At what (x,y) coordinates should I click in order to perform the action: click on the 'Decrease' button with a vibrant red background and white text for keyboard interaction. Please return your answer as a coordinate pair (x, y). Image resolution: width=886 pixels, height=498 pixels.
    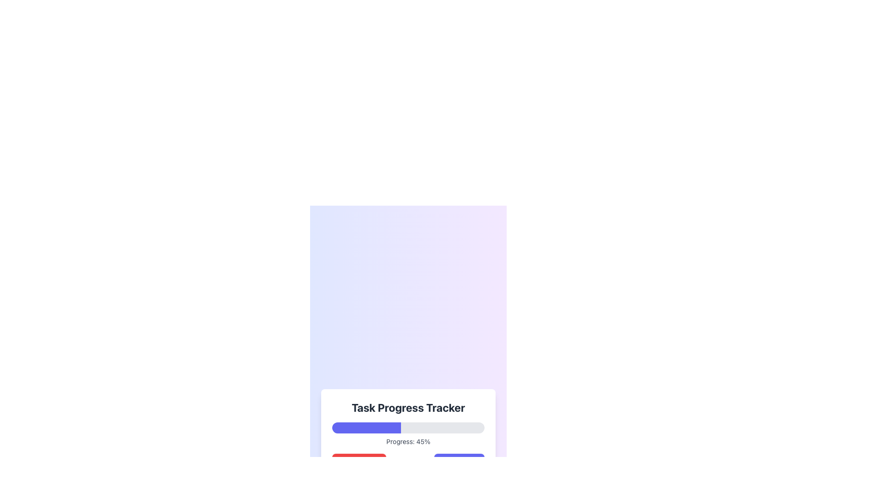
    Looking at the image, I should click on (359, 462).